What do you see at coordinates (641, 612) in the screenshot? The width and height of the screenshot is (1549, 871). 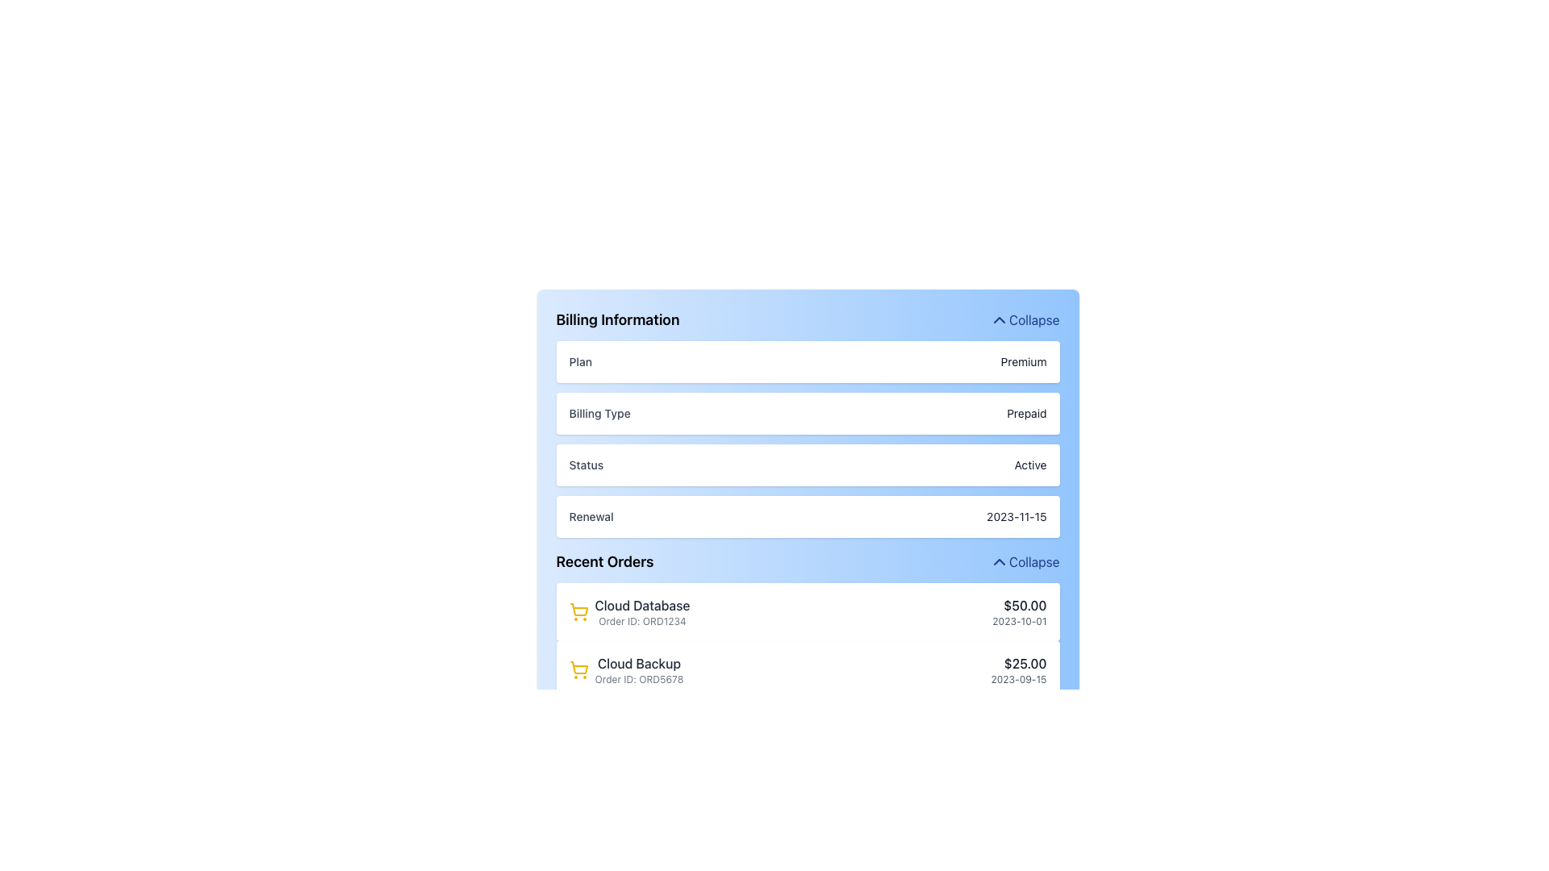 I see `the 'Cloud Database' text block that displays 'Order ID: ORD1234' in the Recent Orders section` at bounding box center [641, 612].